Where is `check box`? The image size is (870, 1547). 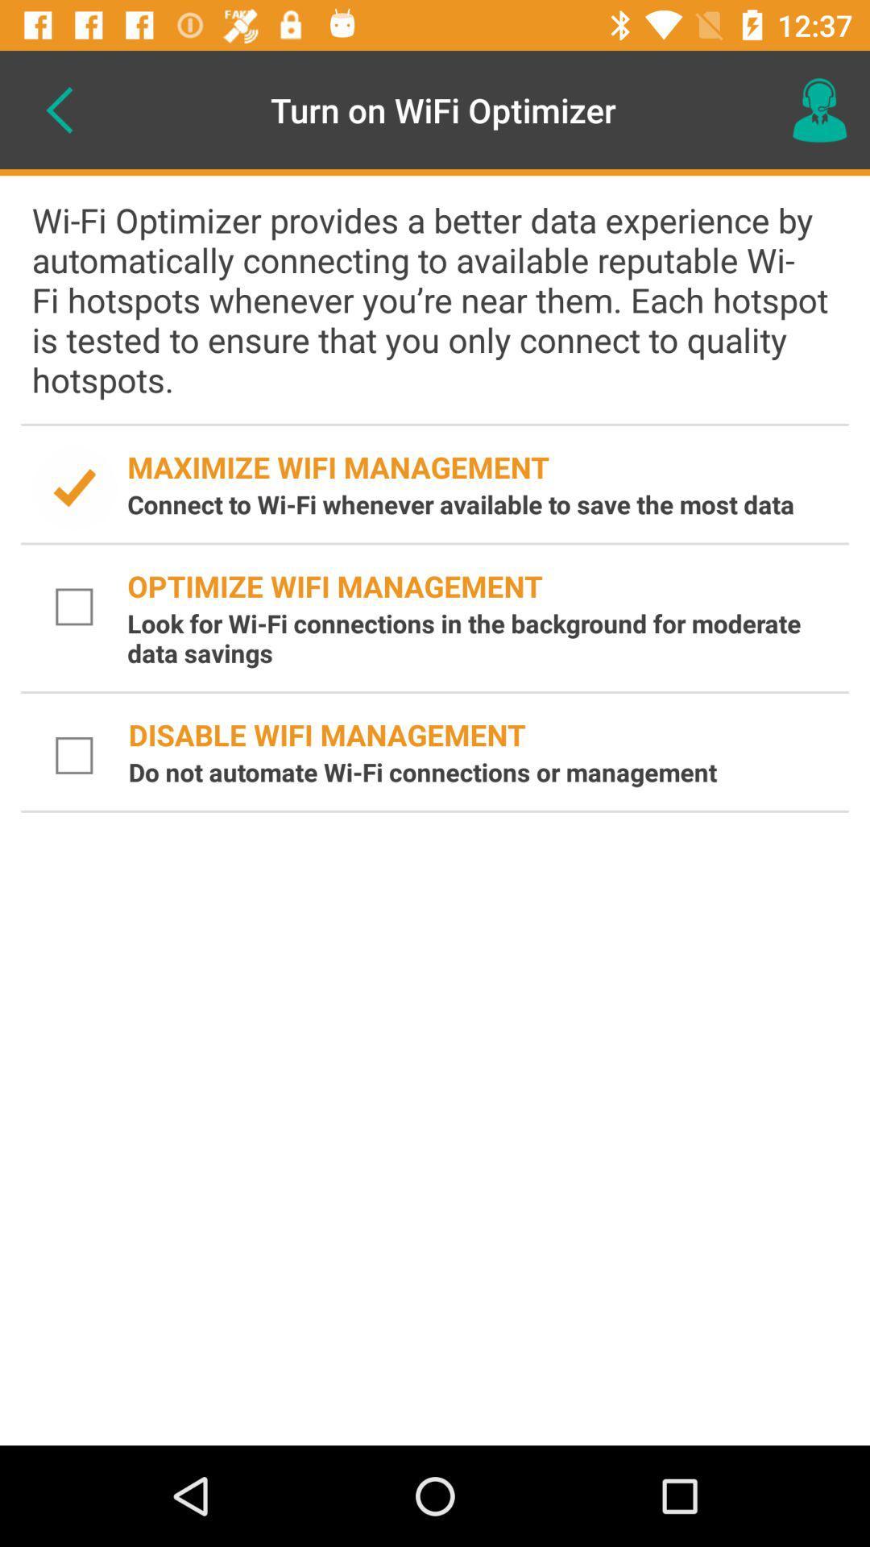 check box is located at coordinates (74, 606).